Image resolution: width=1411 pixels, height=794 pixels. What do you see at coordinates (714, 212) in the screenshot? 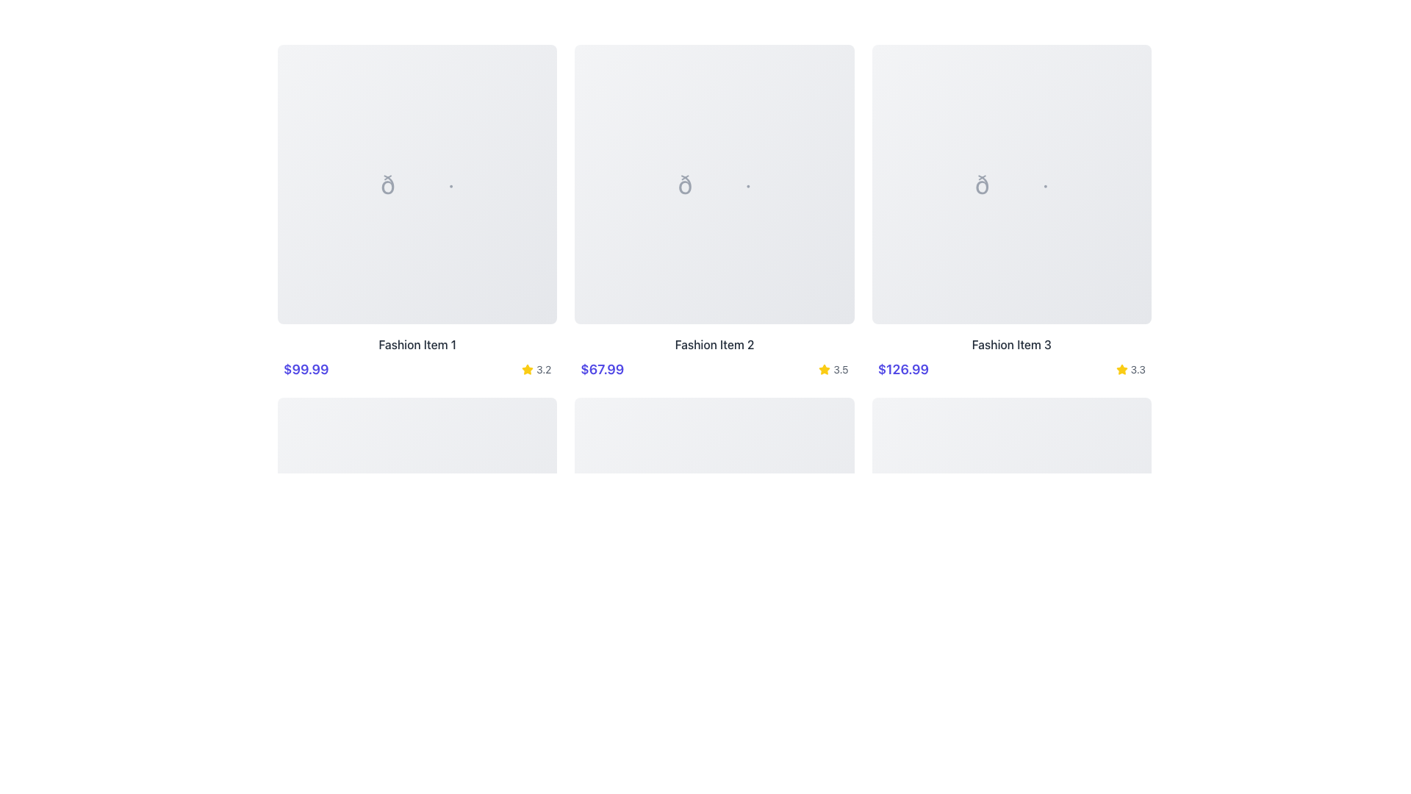
I see `the Product Display Card, which is the middle card in a grid of three, to trigger the tooltip or animations` at bounding box center [714, 212].